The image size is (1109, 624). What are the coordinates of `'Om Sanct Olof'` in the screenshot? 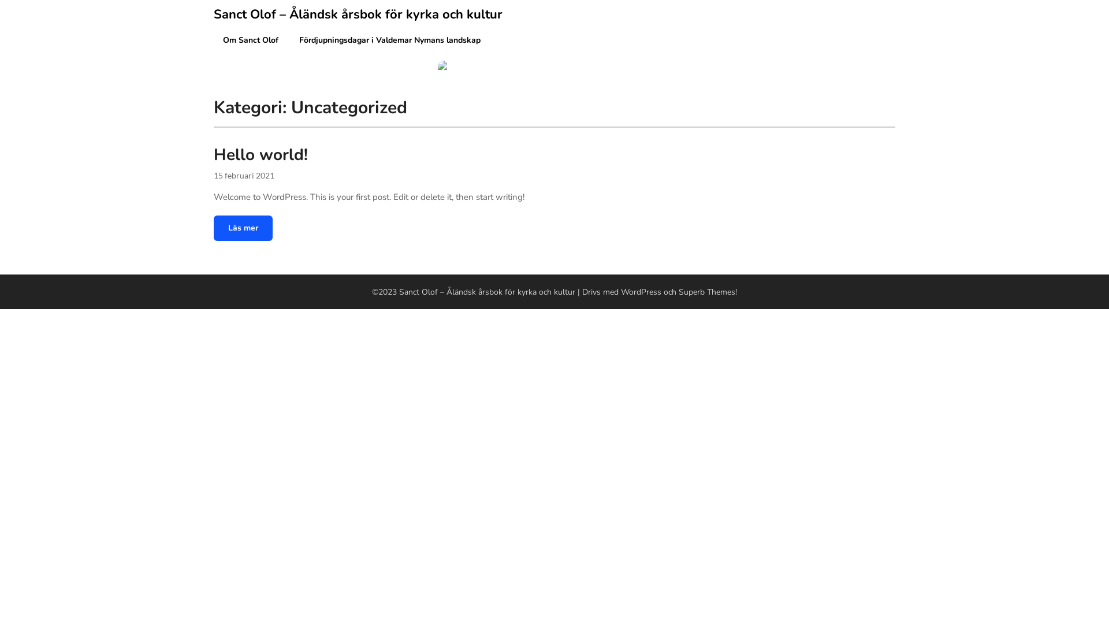 It's located at (250, 40).